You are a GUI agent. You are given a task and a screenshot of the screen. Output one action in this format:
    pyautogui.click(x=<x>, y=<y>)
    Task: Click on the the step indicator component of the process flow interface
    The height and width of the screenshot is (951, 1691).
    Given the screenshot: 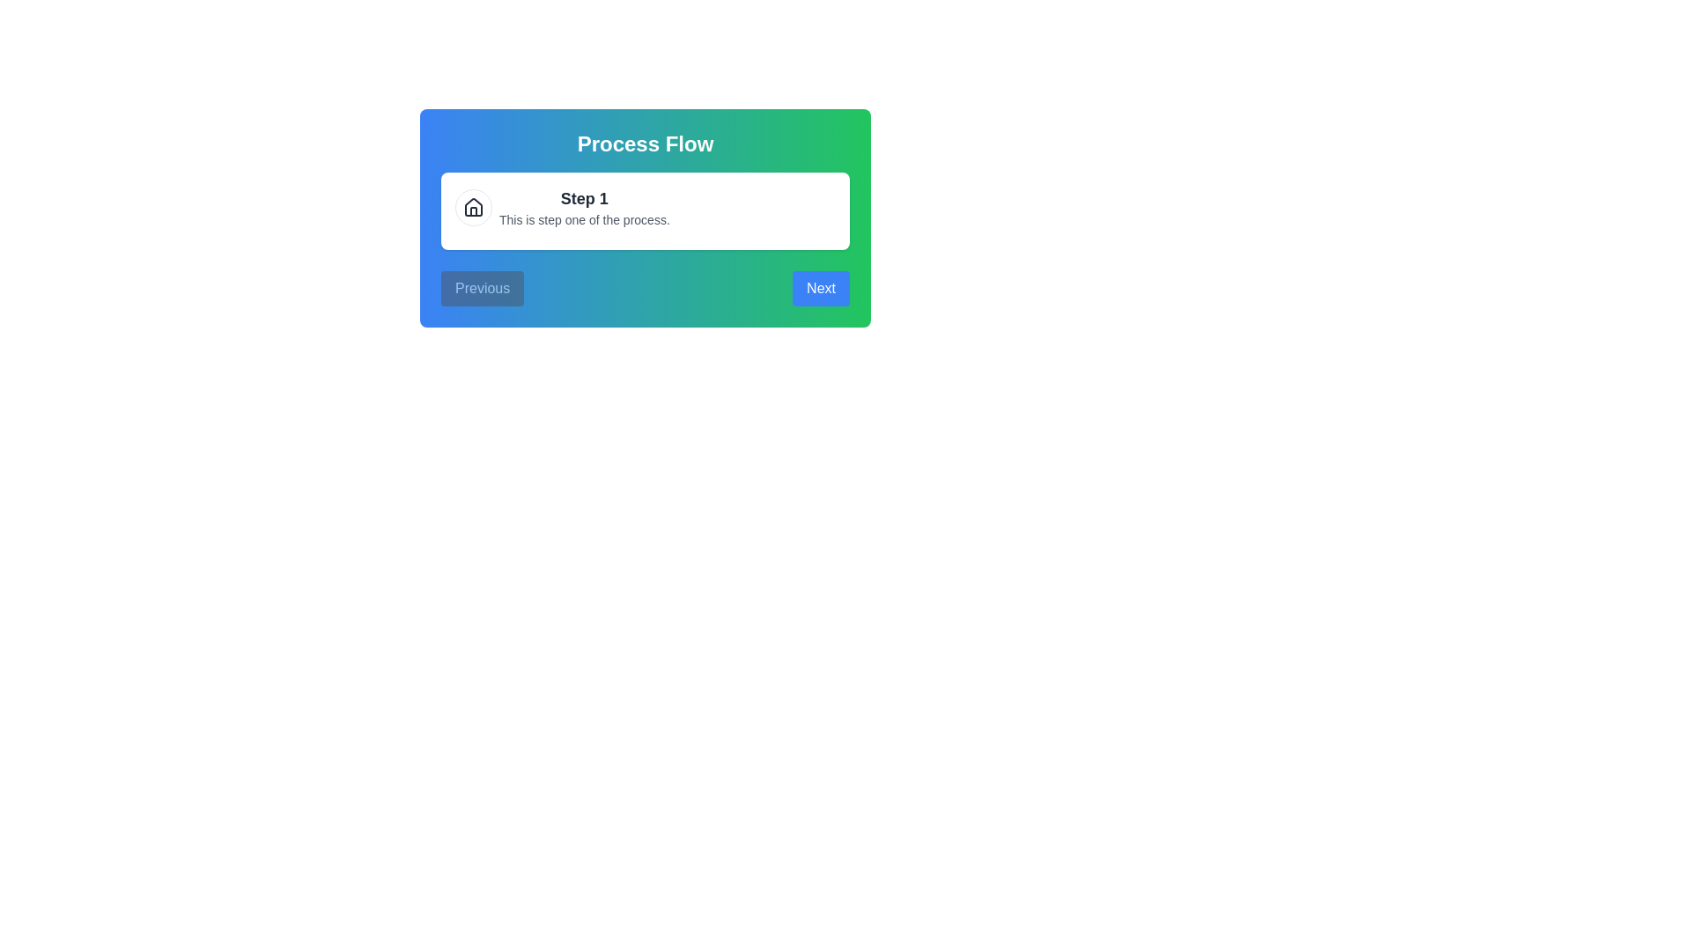 What is the action you would take?
    pyautogui.click(x=645, y=217)
    